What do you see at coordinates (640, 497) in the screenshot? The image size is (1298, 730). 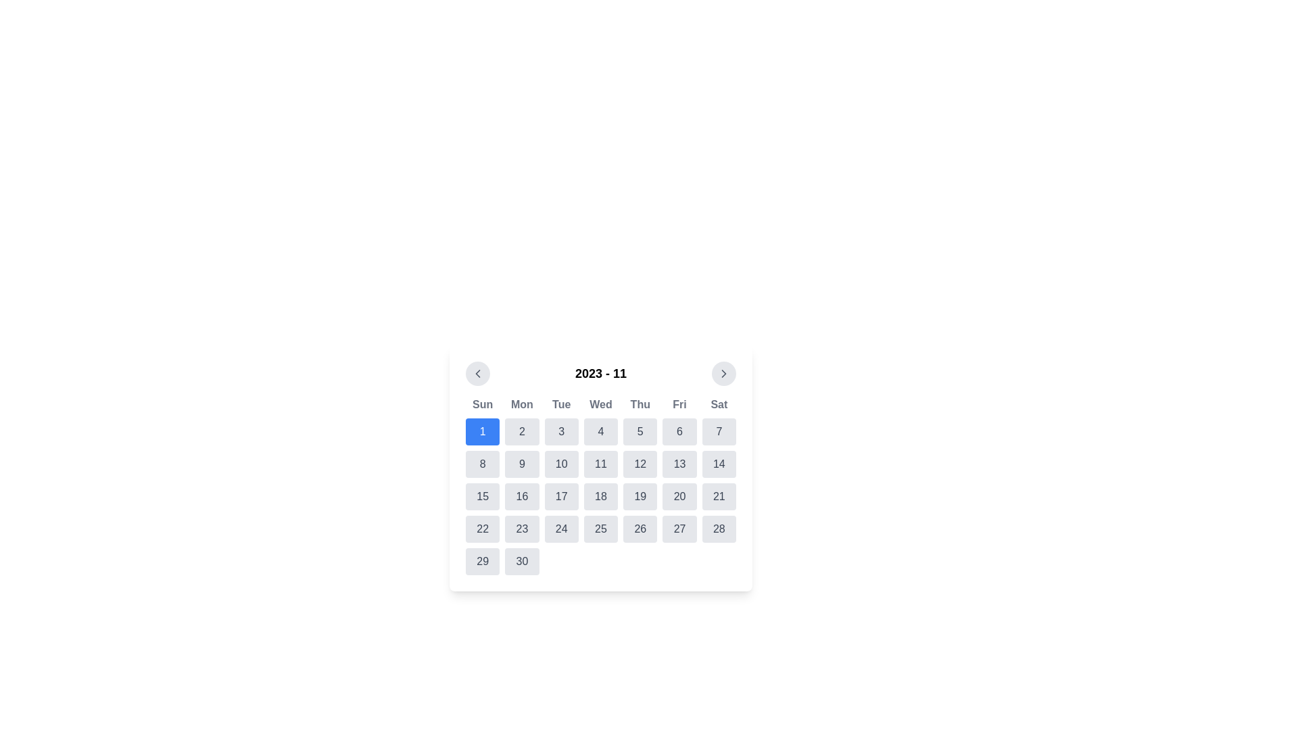 I see `the button displaying the number '19' in the calendar grid` at bounding box center [640, 497].